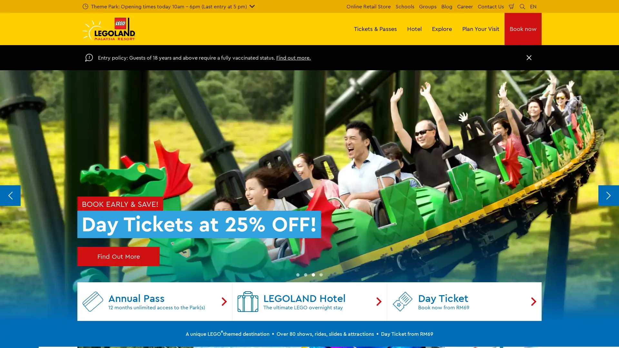 This screenshot has height=348, width=619. I want to click on Theme Park: Opening times today 10am - 6pm (Last entry at 5 pm), so click(169, 6).